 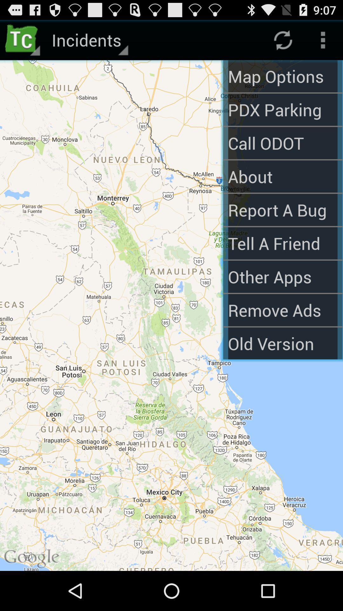 What do you see at coordinates (283, 42) in the screenshot?
I see `the refresh icon` at bounding box center [283, 42].